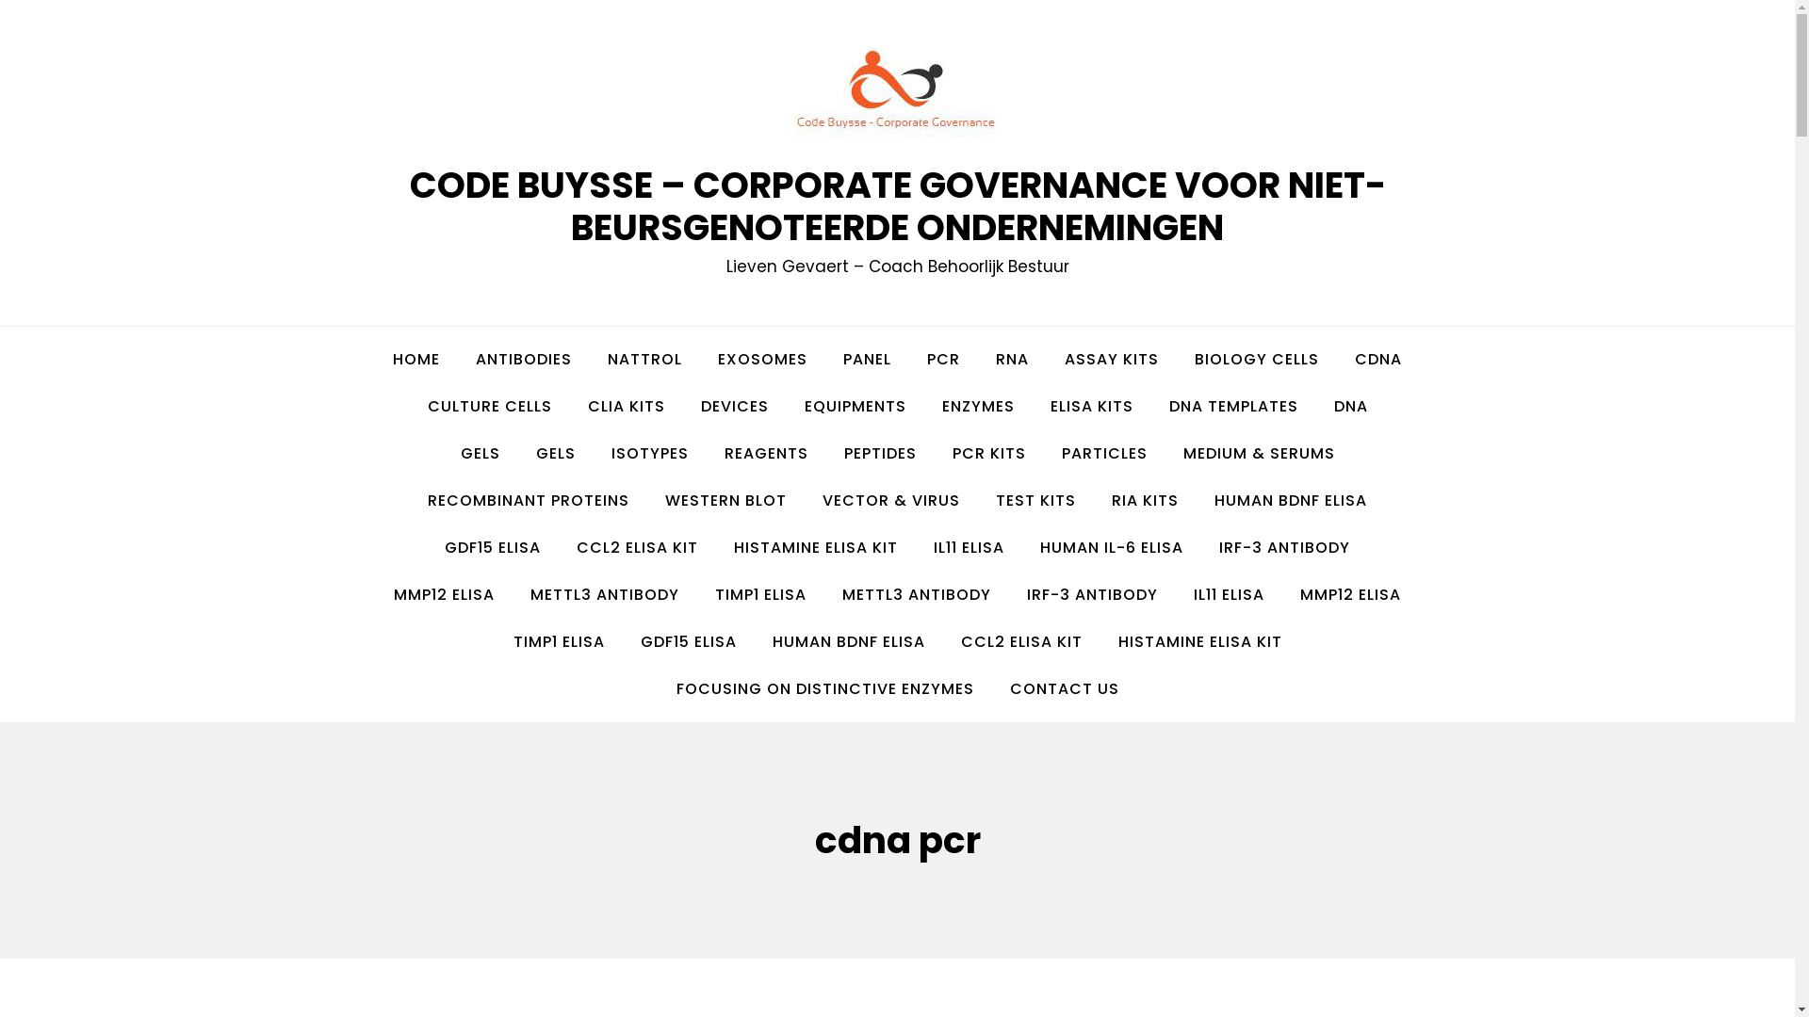 The image size is (1809, 1017). What do you see at coordinates (1178, 359) in the screenshot?
I see `'BIOLOGY CELLS'` at bounding box center [1178, 359].